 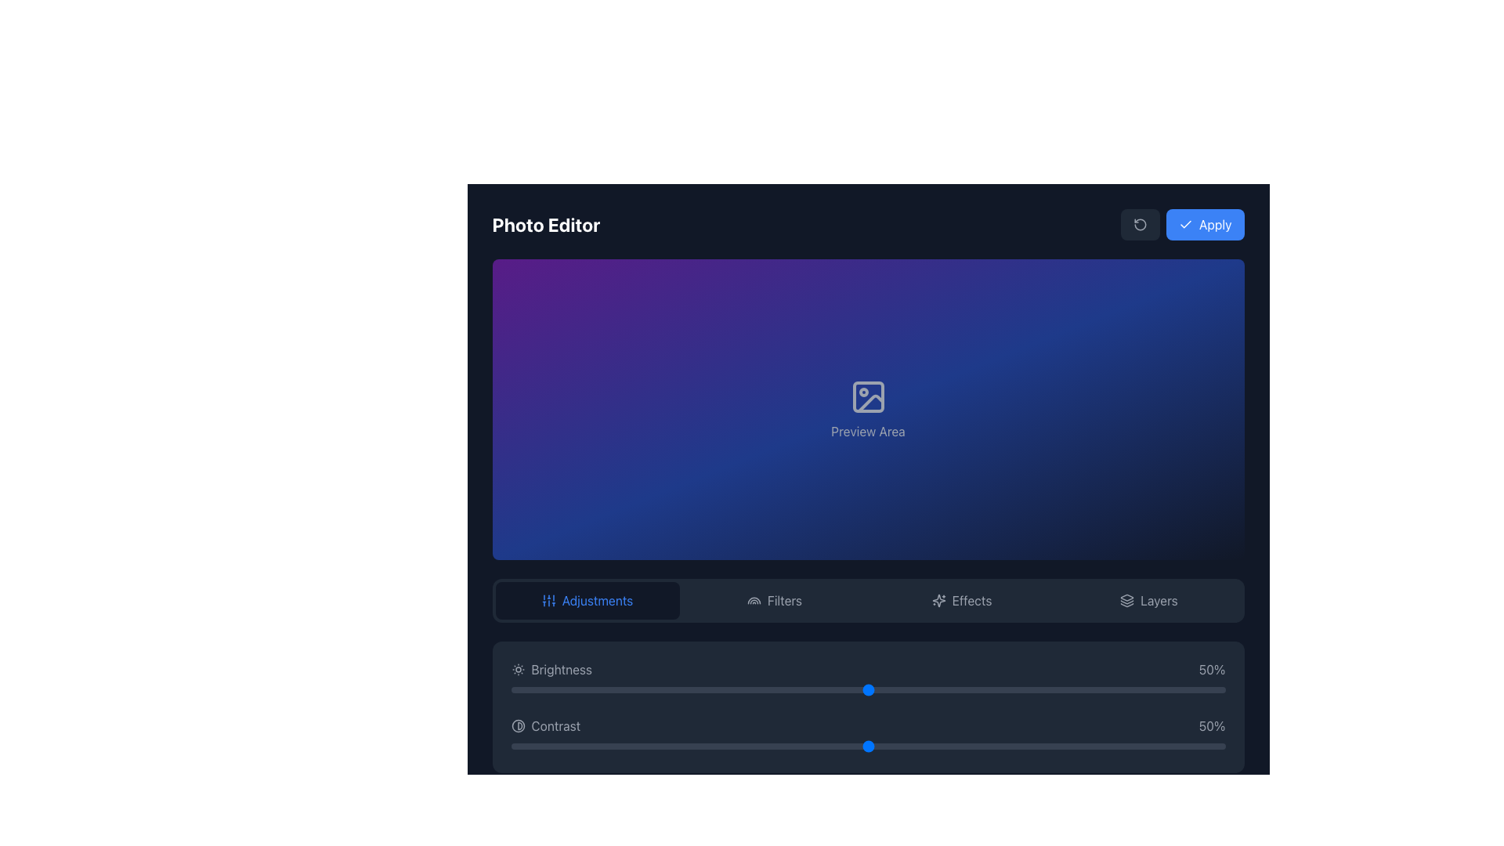 I want to click on the circular arrow icon in the top-right corner of the interface, so click(x=1140, y=224).